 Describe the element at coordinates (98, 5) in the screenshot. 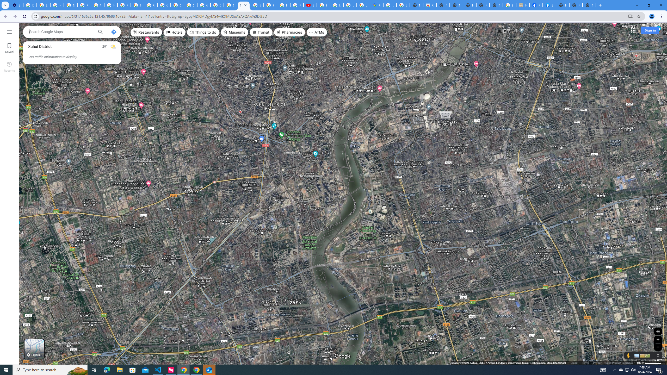

I see `'YouTube'` at that location.